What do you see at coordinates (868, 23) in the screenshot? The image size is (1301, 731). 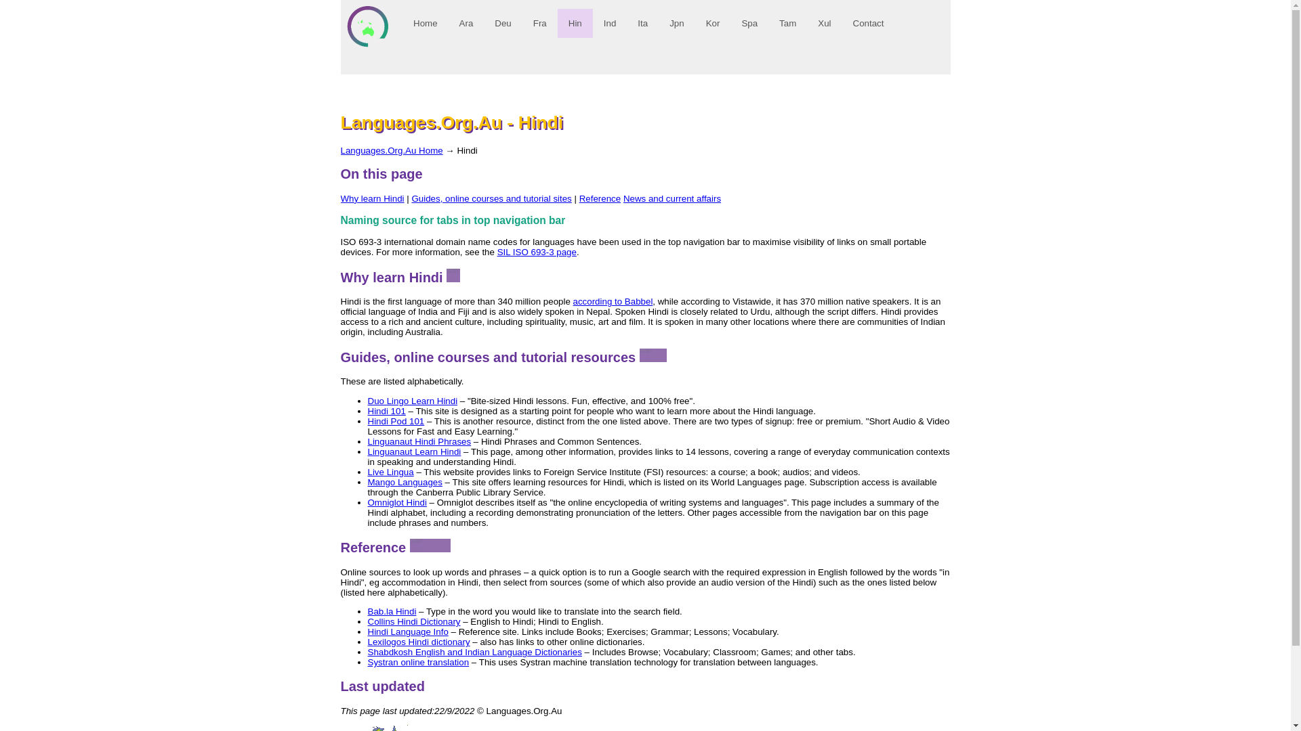 I see `'Contact'` at bounding box center [868, 23].